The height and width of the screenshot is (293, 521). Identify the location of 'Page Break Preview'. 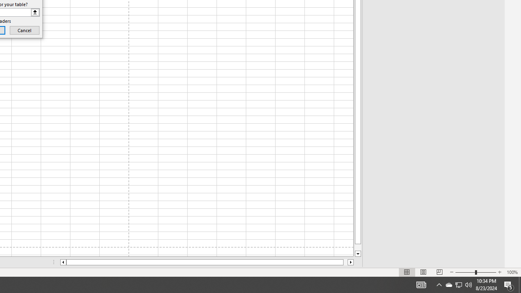
(439, 272).